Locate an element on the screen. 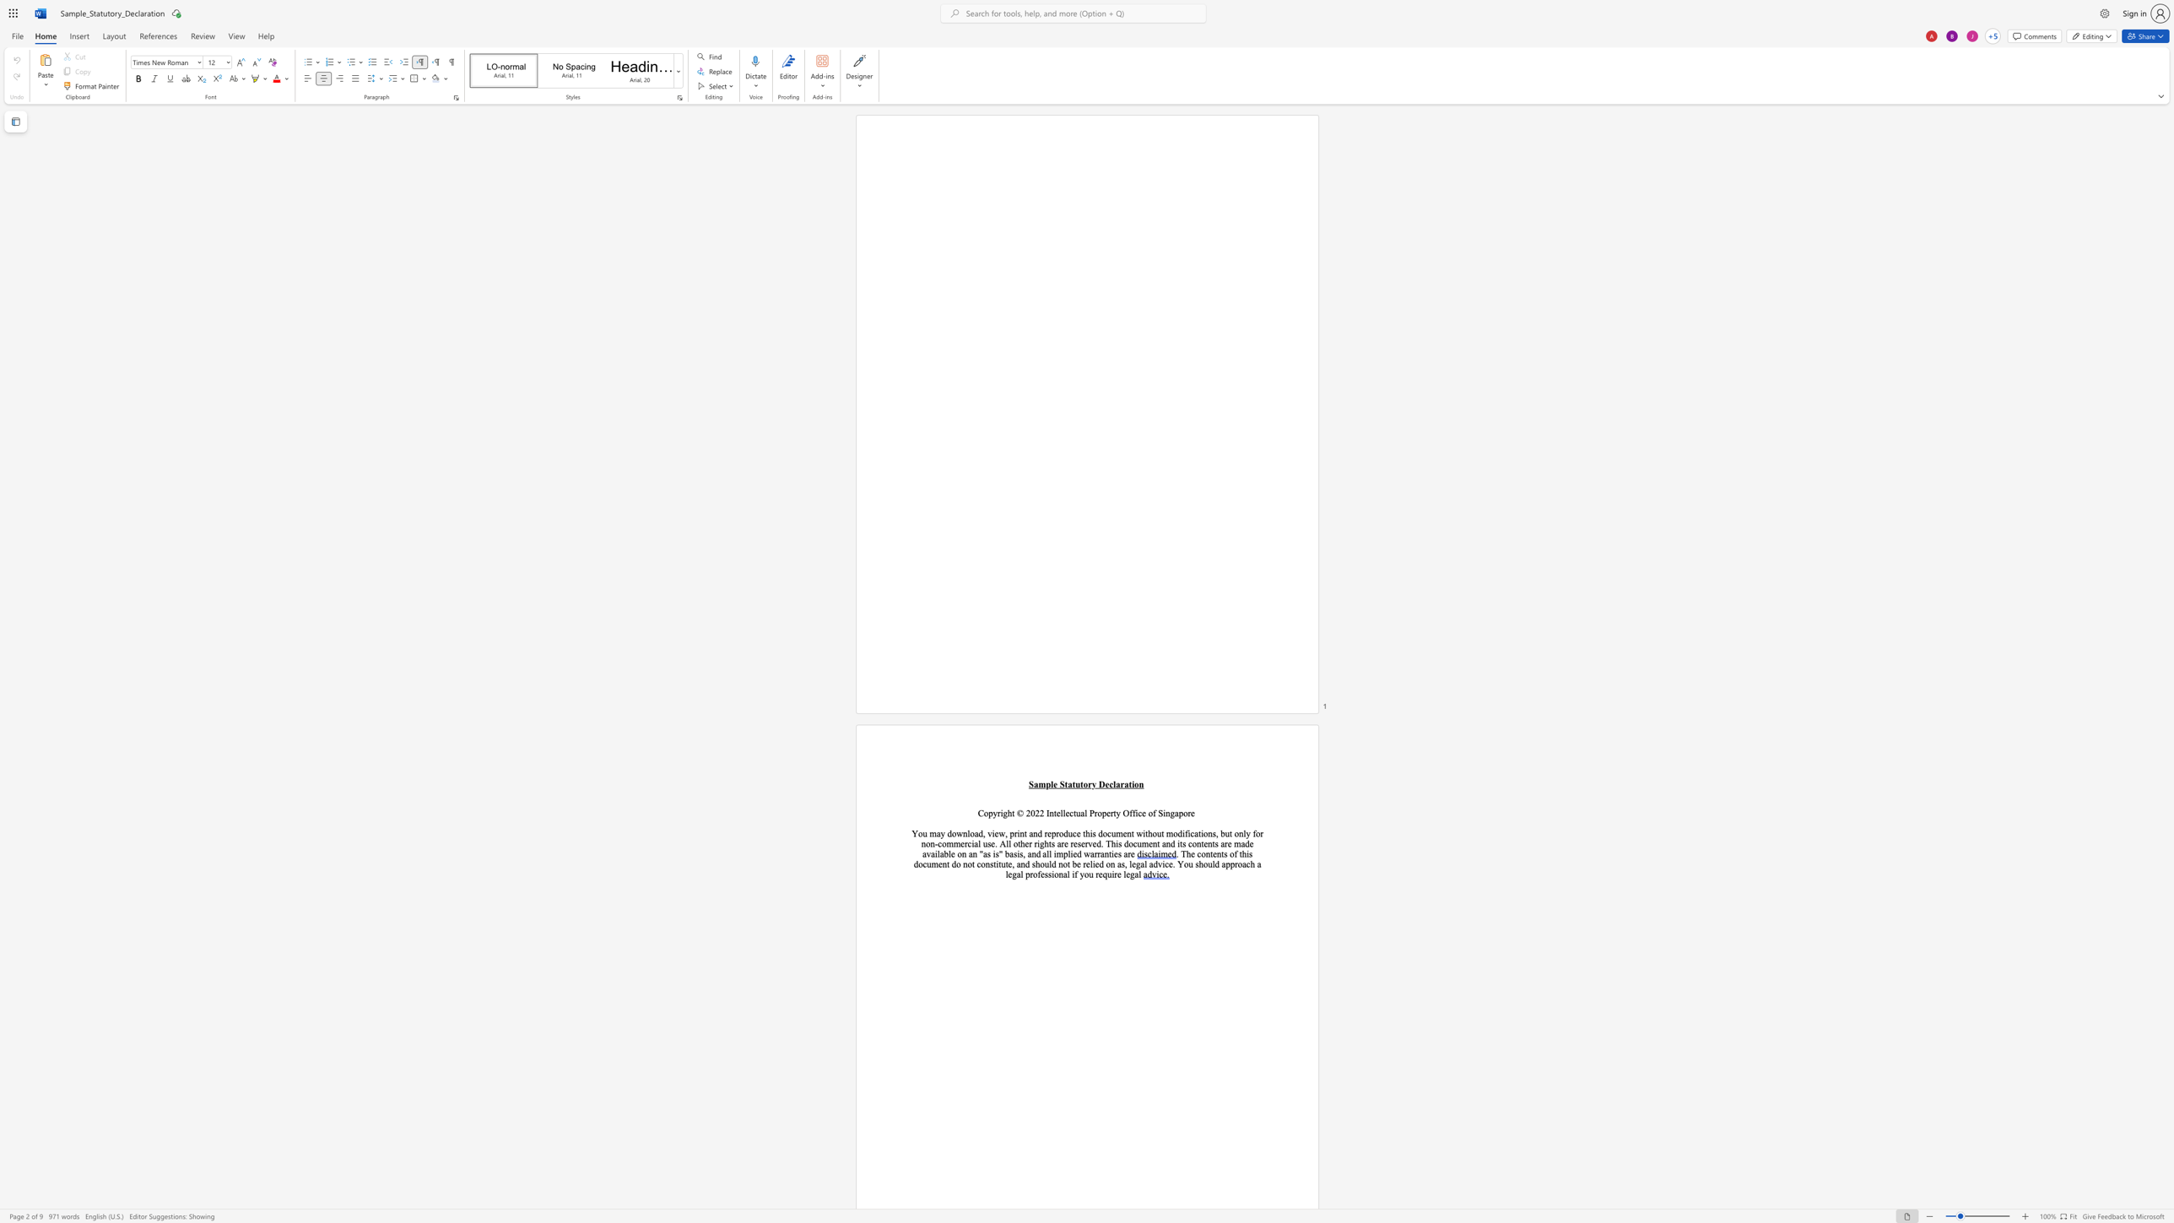 This screenshot has width=2174, height=1223. the 2th character "t" in the text is located at coordinates (1073, 784).